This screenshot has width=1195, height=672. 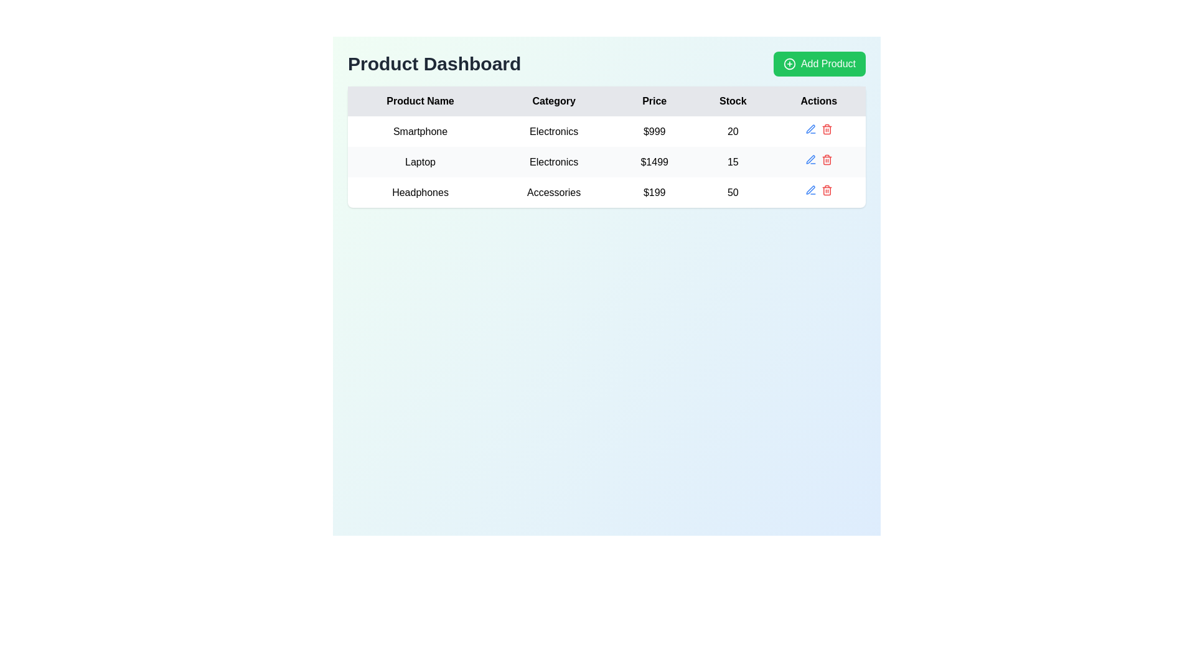 I want to click on the text element displaying the price '$199' in the 'Price' column of the table for the product 'Headphones', so click(x=654, y=192).